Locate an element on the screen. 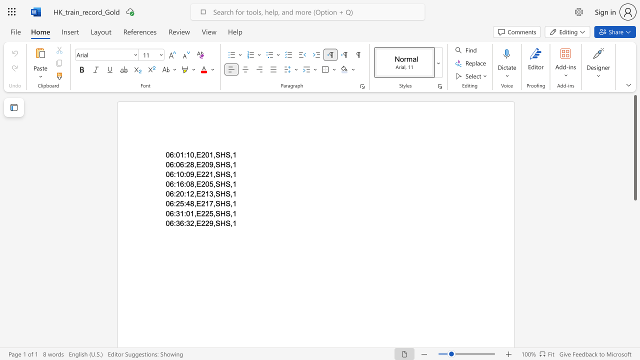 This screenshot has width=640, height=360. the right-hand scrollbar to descend the page is located at coordinates (634, 330).